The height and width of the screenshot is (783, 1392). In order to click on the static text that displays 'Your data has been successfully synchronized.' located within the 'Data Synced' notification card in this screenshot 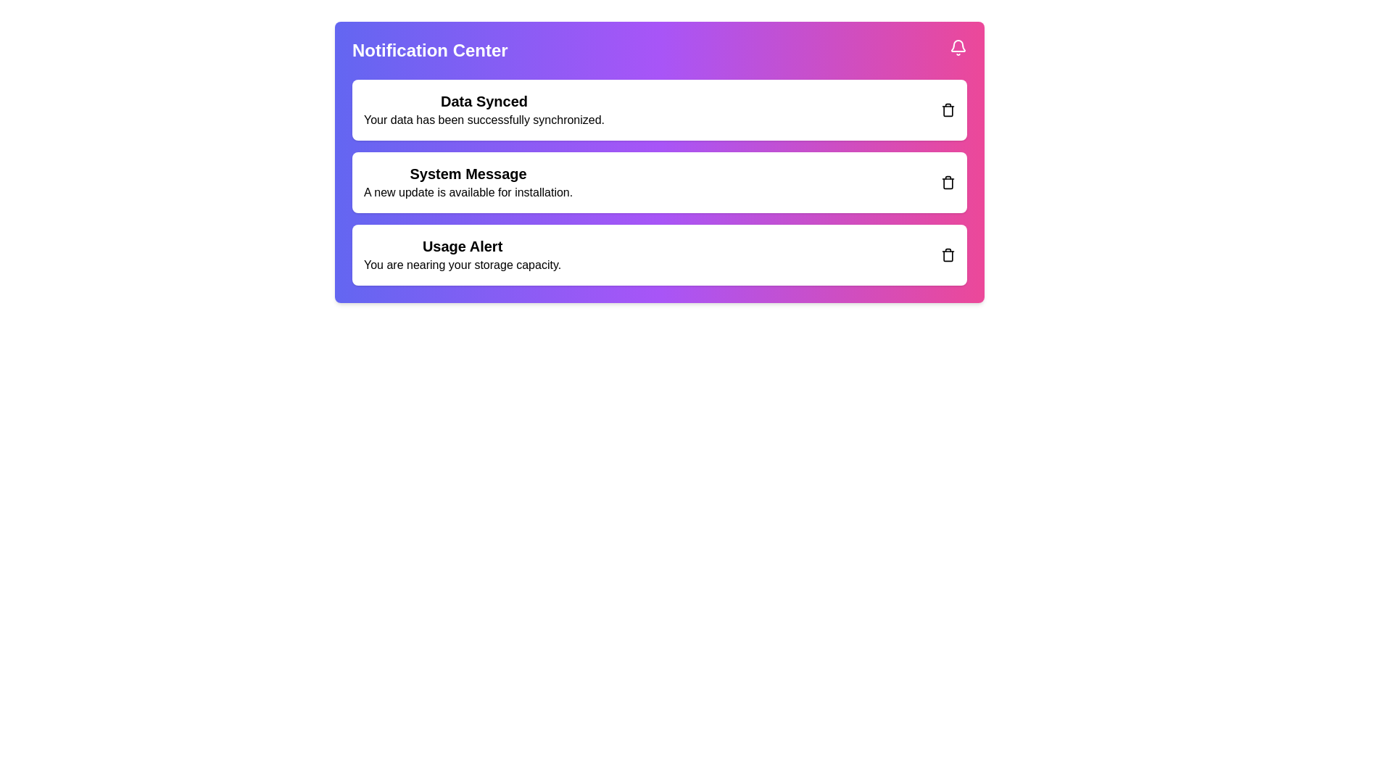, I will do `click(484, 119)`.